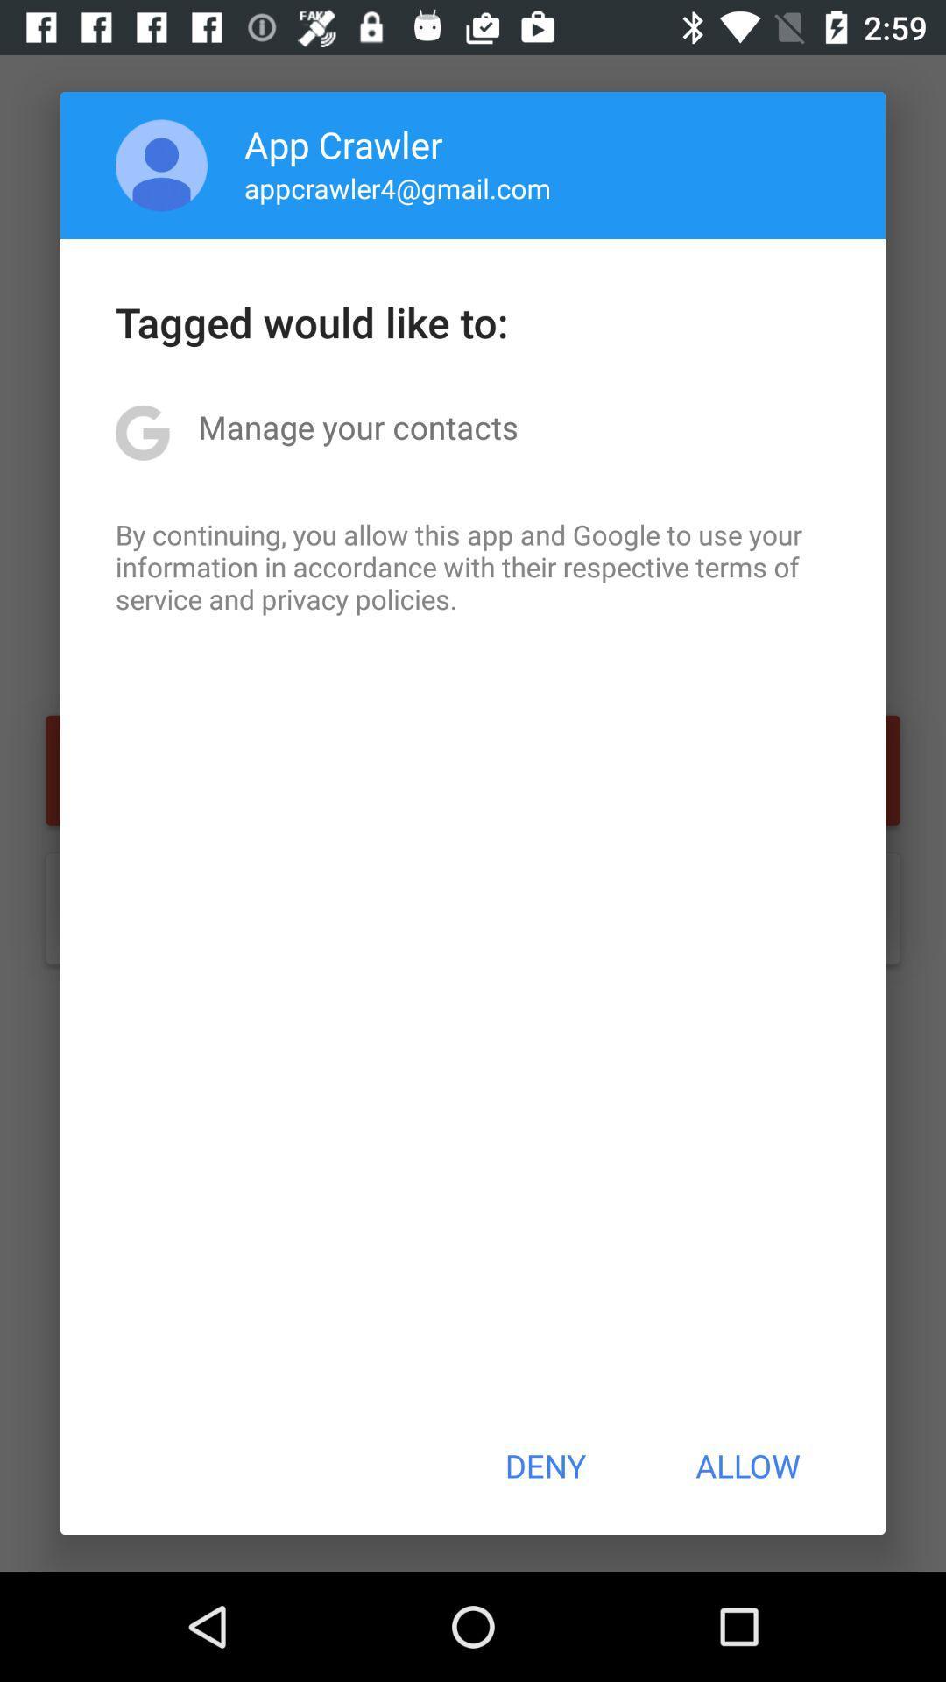 The height and width of the screenshot is (1682, 946). Describe the element at coordinates (343, 144) in the screenshot. I see `the app crawler item` at that location.